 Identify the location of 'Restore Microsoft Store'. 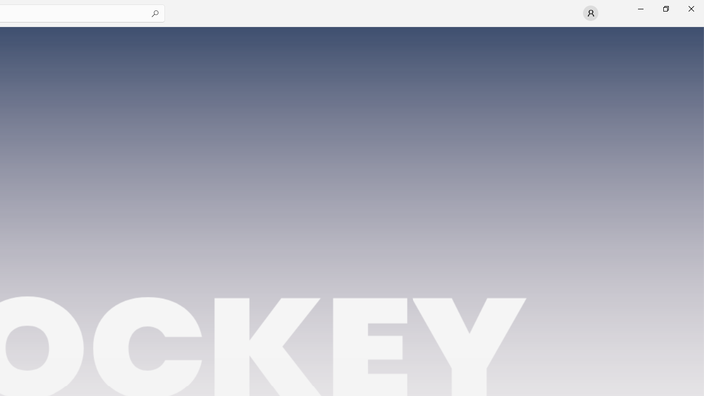
(665, 8).